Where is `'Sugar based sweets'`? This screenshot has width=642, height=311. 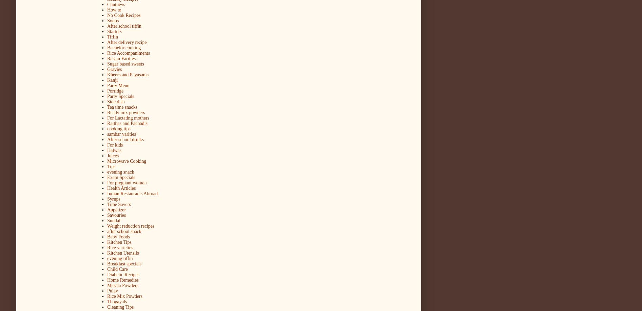
'Sugar based sweets' is located at coordinates (125, 63).